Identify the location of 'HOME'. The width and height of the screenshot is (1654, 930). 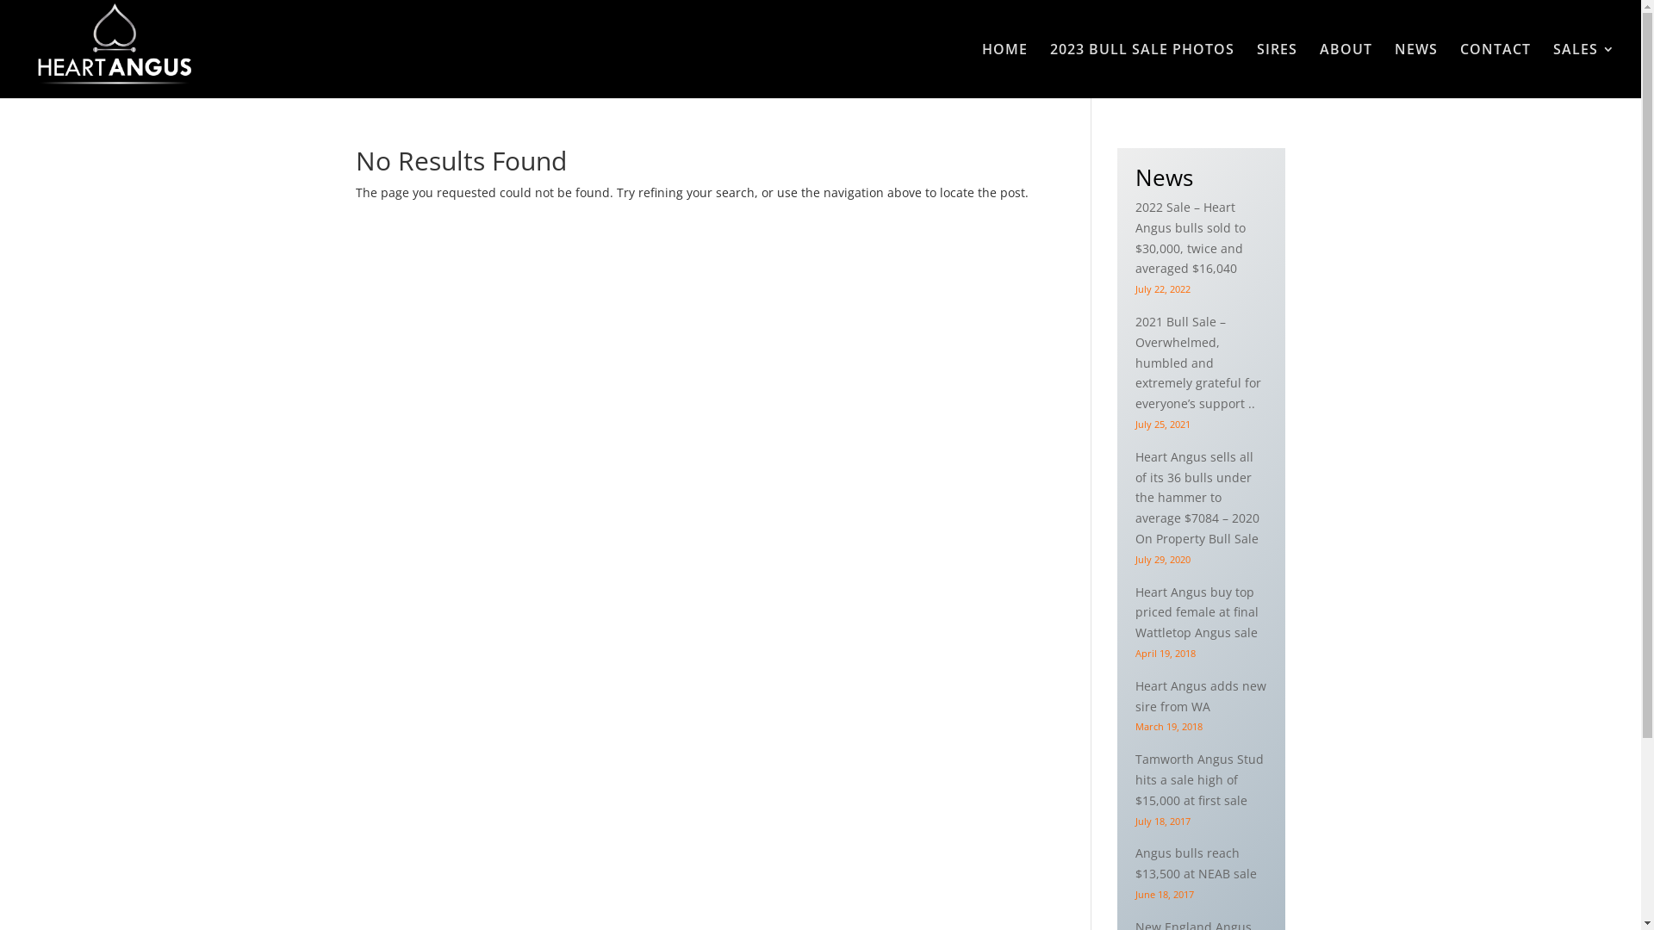
(1004, 69).